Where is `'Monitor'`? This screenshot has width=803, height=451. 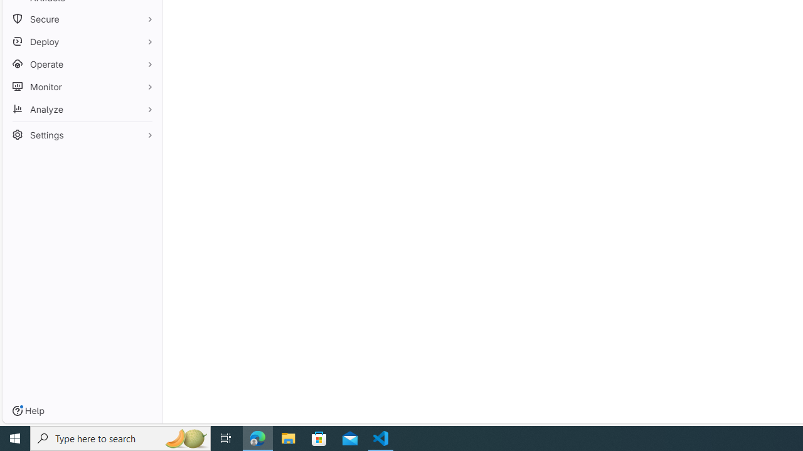
'Monitor' is located at coordinates (82, 86).